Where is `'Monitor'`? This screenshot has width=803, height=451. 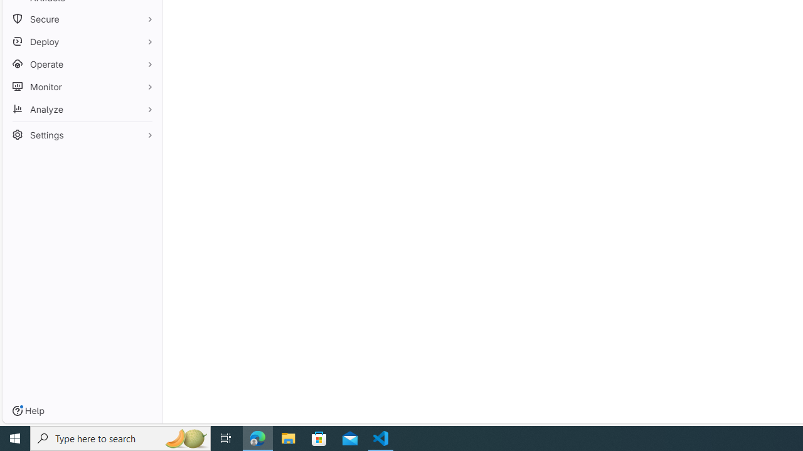
'Monitor' is located at coordinates (82, 86).